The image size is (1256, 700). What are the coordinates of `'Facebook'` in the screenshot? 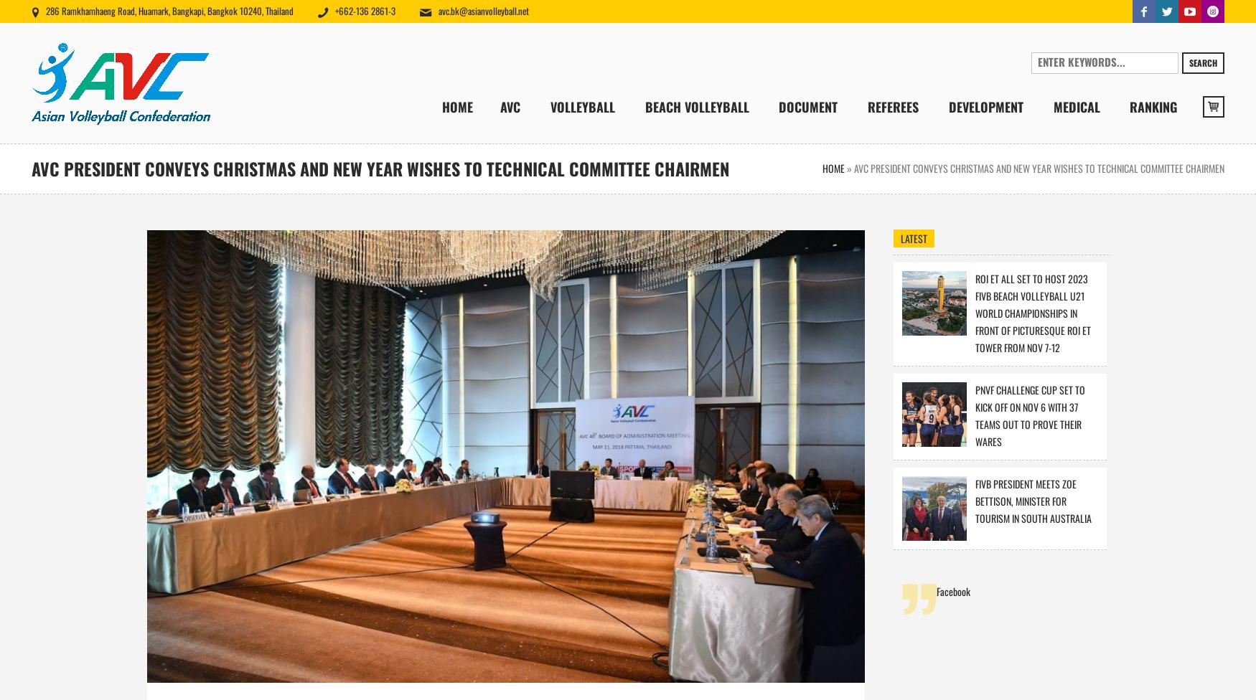 It's located at (934, 591).